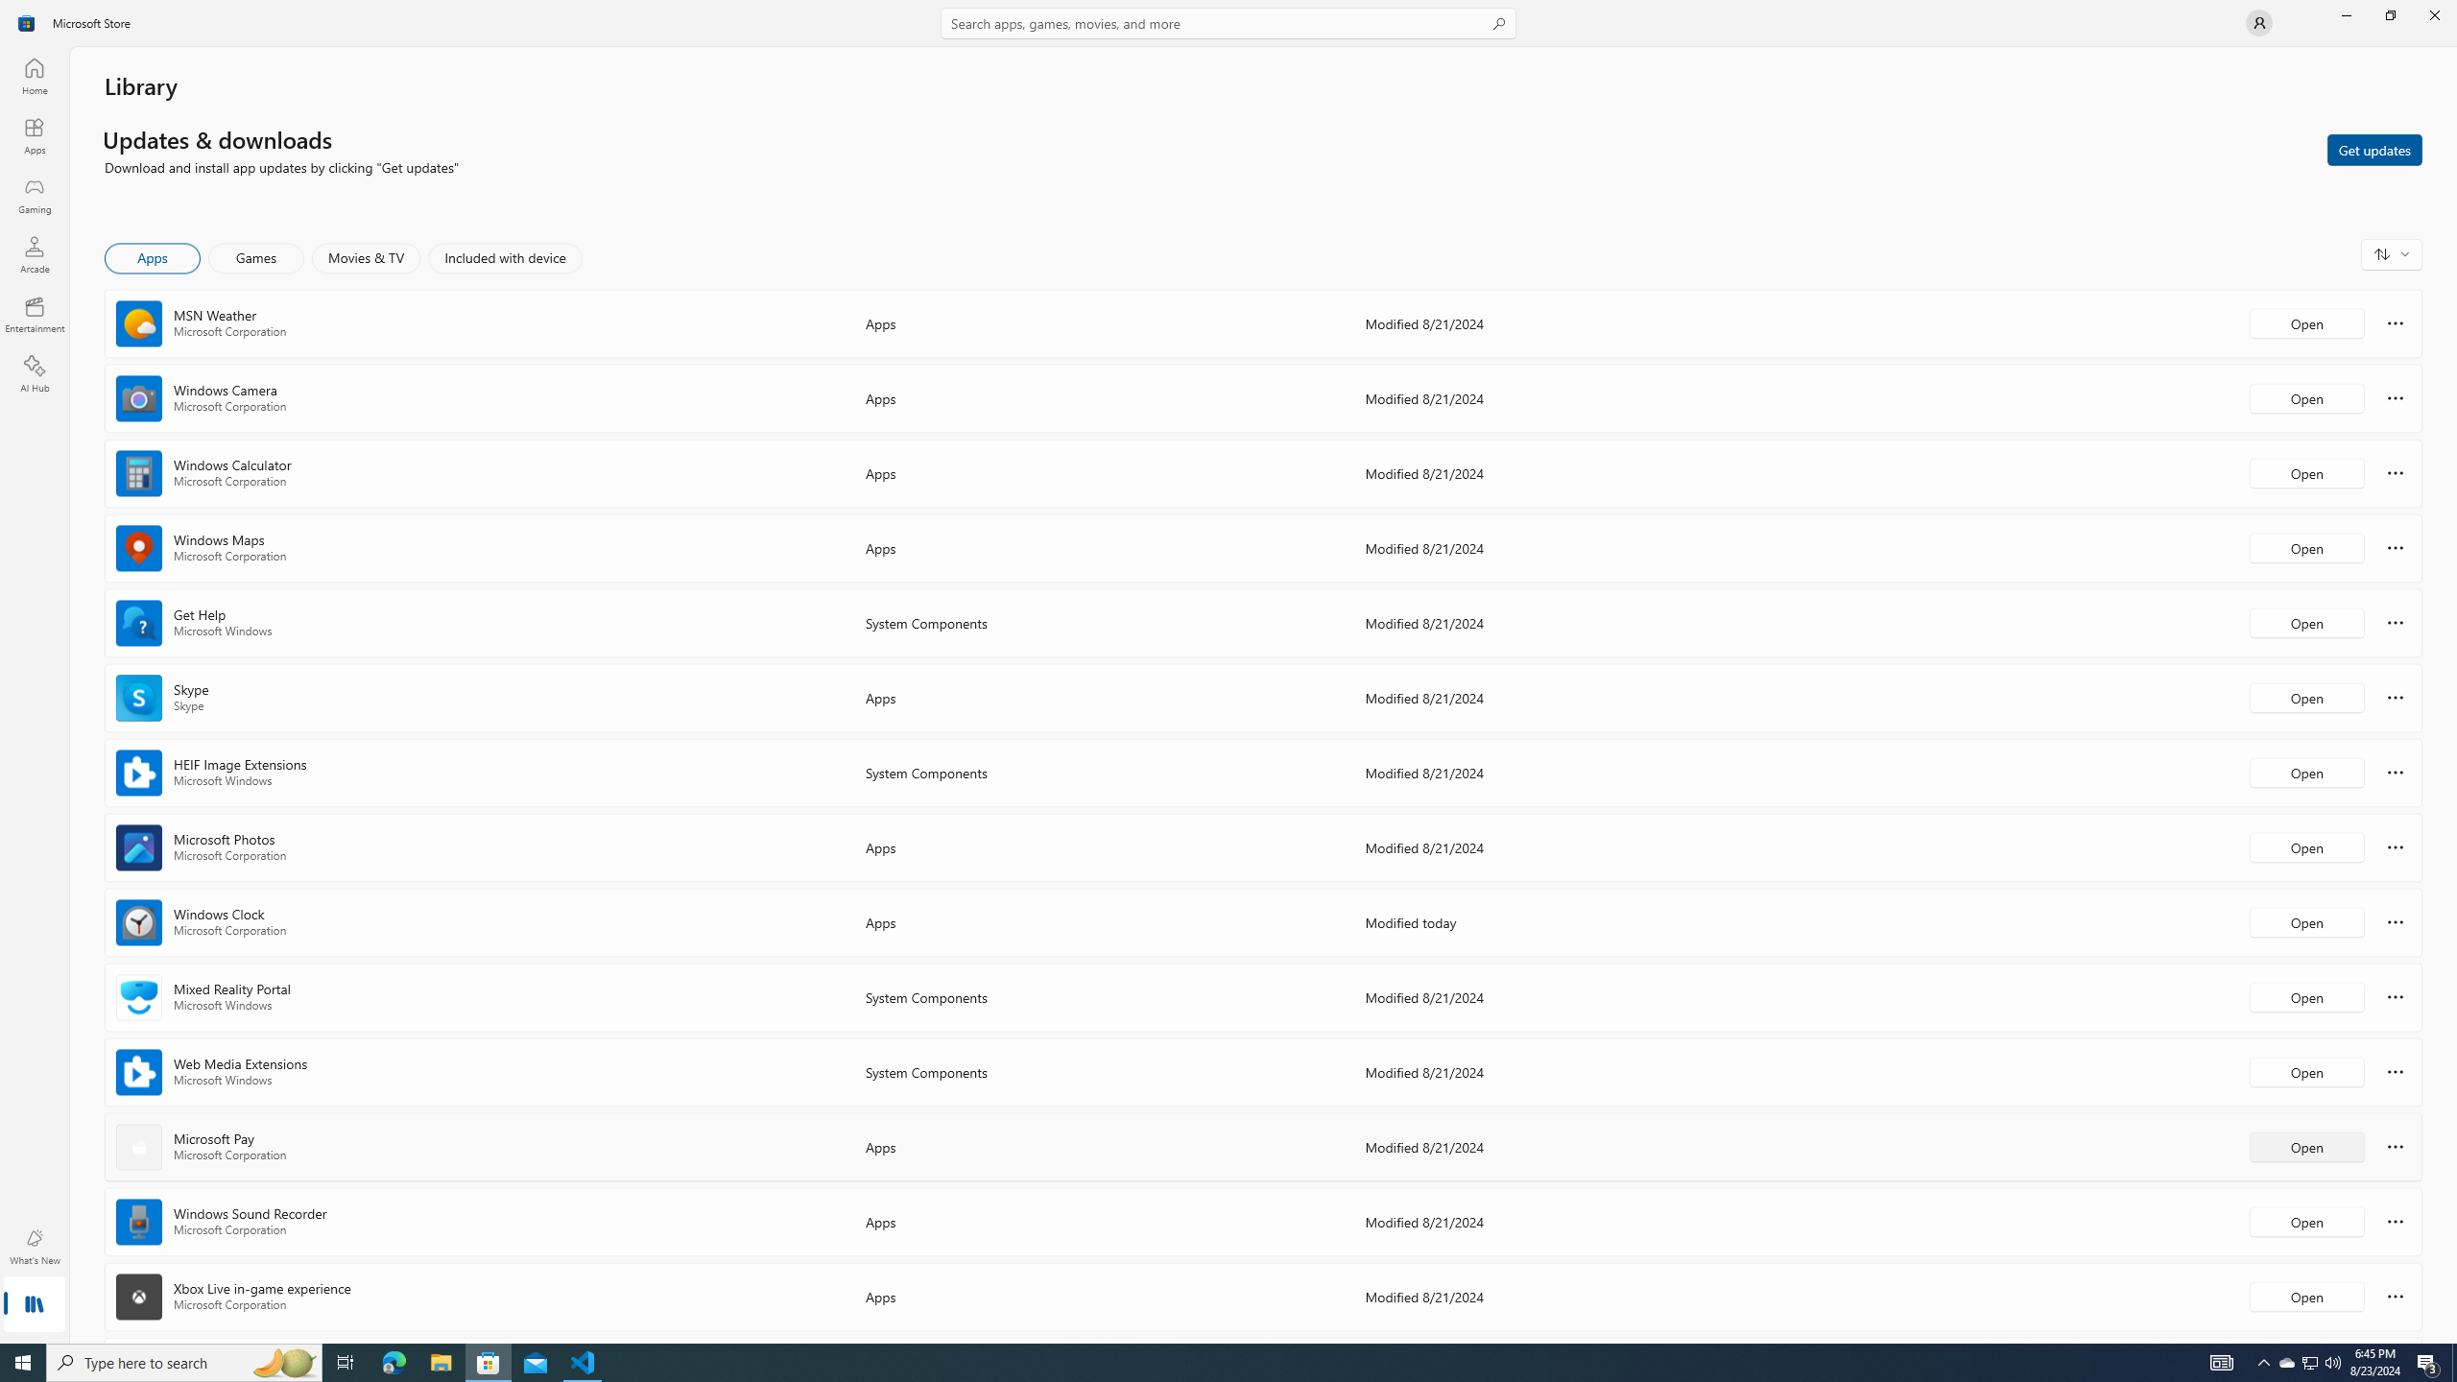 This screenshot has width=2457, height=1382. I want to click on 'More options', so click(2395, 1295).